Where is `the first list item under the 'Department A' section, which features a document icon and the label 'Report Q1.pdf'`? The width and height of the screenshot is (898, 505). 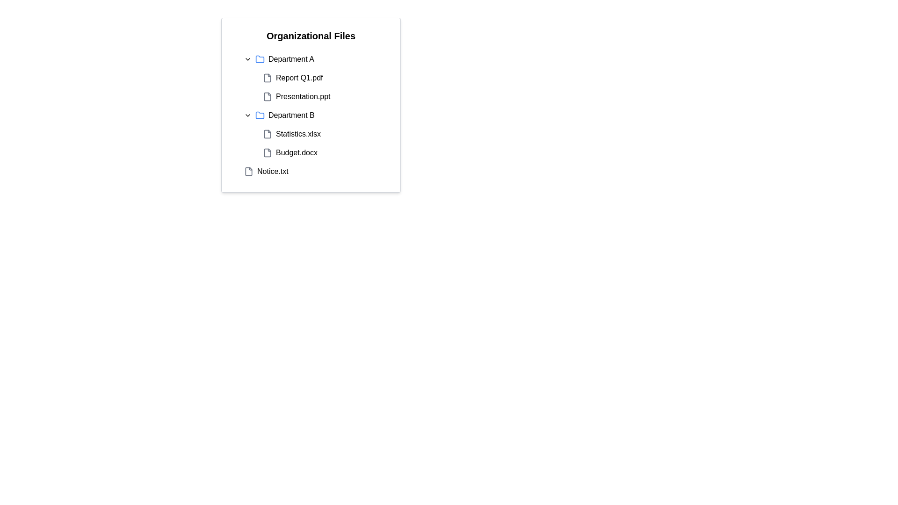 the first list item under the 'Department A' section, which features a document icon and the label 'Report Q1.pdf' is located at coordinates (292, 77).